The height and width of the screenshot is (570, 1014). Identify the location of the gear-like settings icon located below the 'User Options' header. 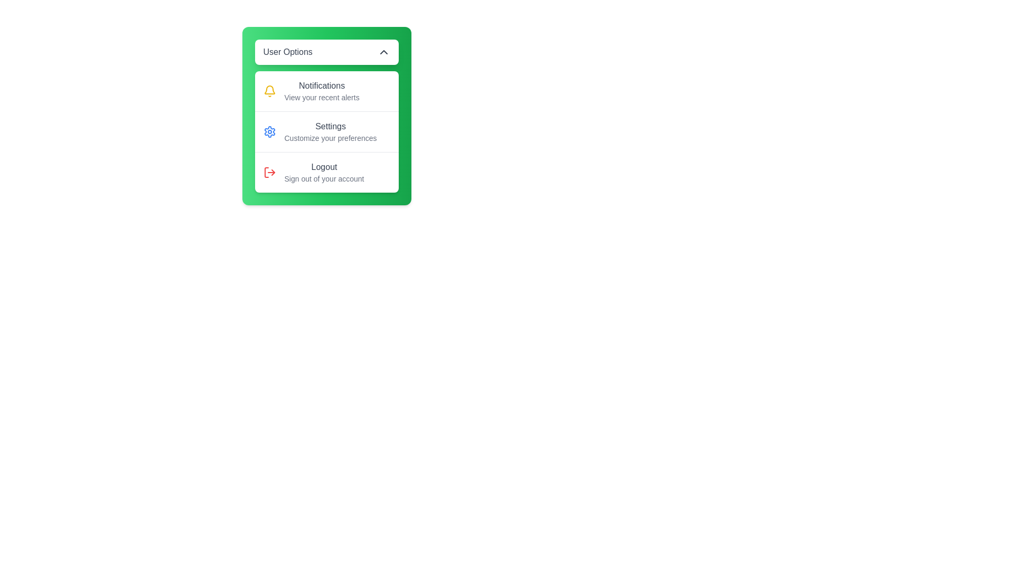
(269, 131).